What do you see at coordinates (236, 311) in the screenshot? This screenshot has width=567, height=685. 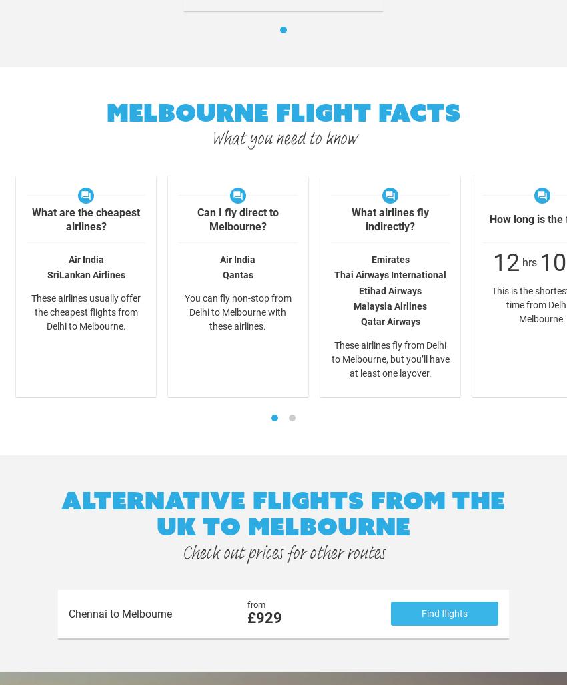 I see `'You can fly non-stop from Delhi to Melbourne with these airlines.'` at bounding box center [236, 311].